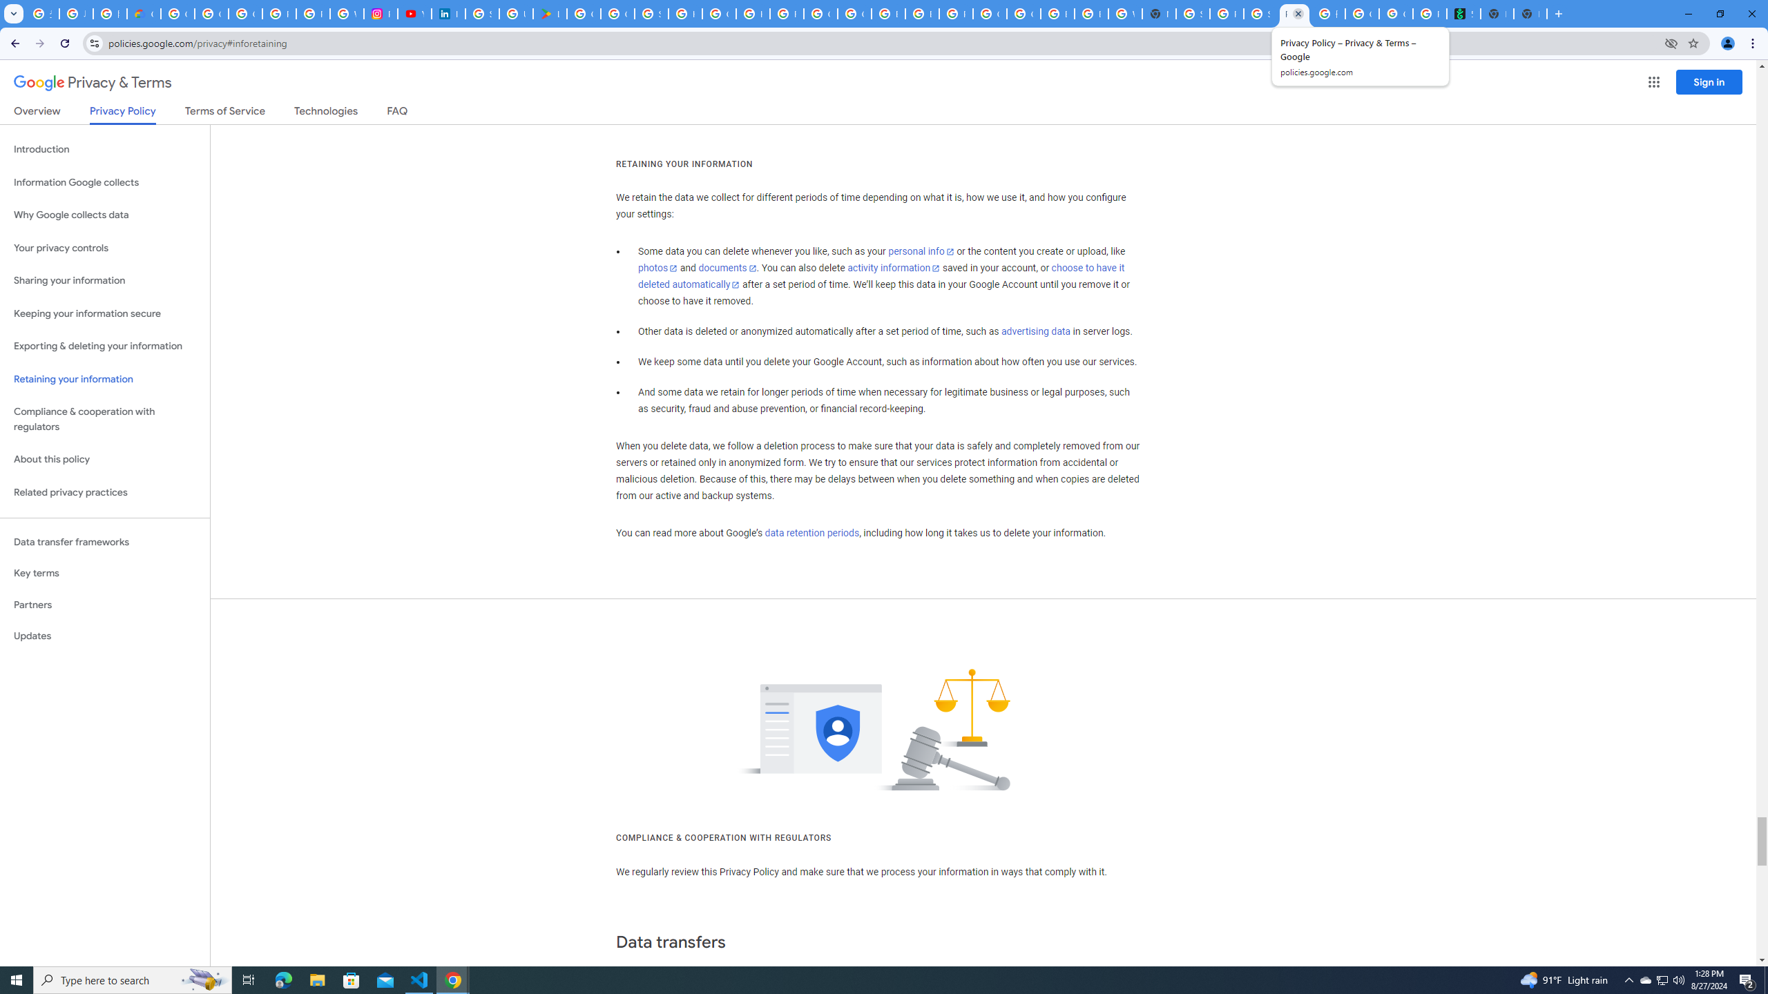 Image resolution: width=1768 pixels, height=994 pixels. Describe the element at coordinates (881, 277) in the screenshot. I see `'choose to have it deleted automatically'` at that location.